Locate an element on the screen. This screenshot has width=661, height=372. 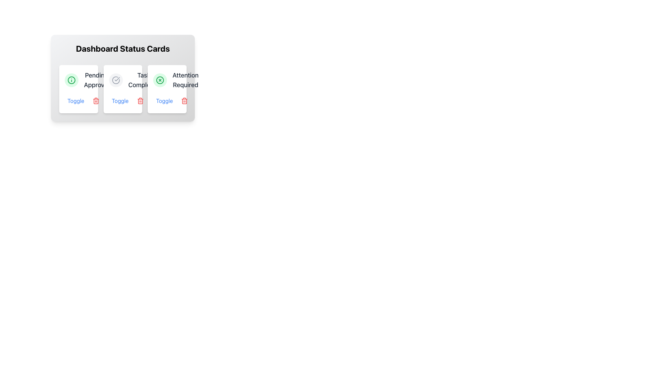
the red trash bin icon button located in the bottom-right corner of the 'Pending Approval' status card is located at coordinates (95, 101).